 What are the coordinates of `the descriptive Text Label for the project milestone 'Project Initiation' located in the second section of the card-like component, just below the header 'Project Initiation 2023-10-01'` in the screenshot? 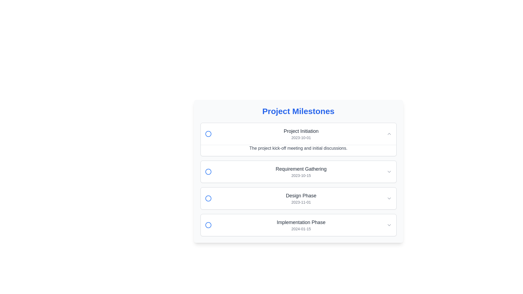 It's located at (298, 150).